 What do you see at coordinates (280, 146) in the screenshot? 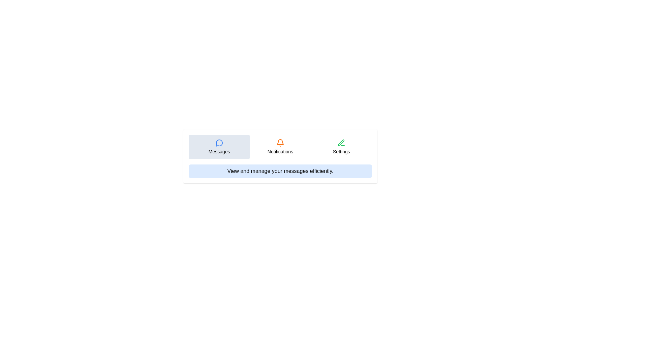
I see `the tab labeled Notifications` at bounding box center [280, 146].